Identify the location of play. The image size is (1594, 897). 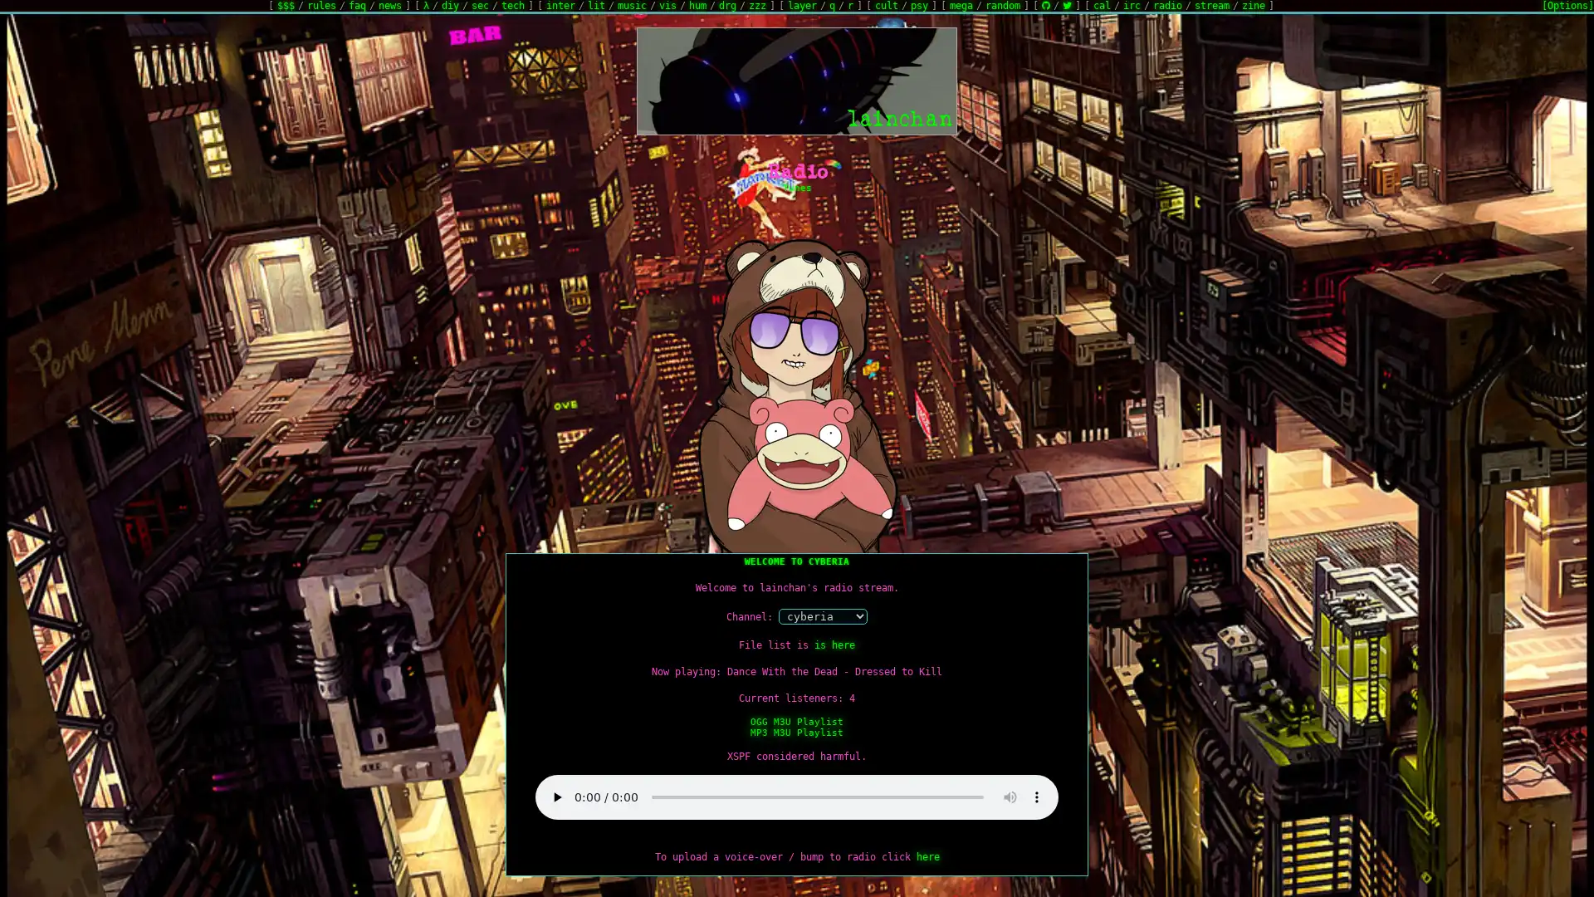
(557, 797).